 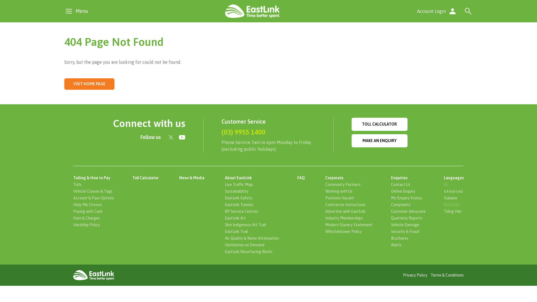 I want to click on 'Air Quality & Noise Attenuation', so click(x=254, y=238).